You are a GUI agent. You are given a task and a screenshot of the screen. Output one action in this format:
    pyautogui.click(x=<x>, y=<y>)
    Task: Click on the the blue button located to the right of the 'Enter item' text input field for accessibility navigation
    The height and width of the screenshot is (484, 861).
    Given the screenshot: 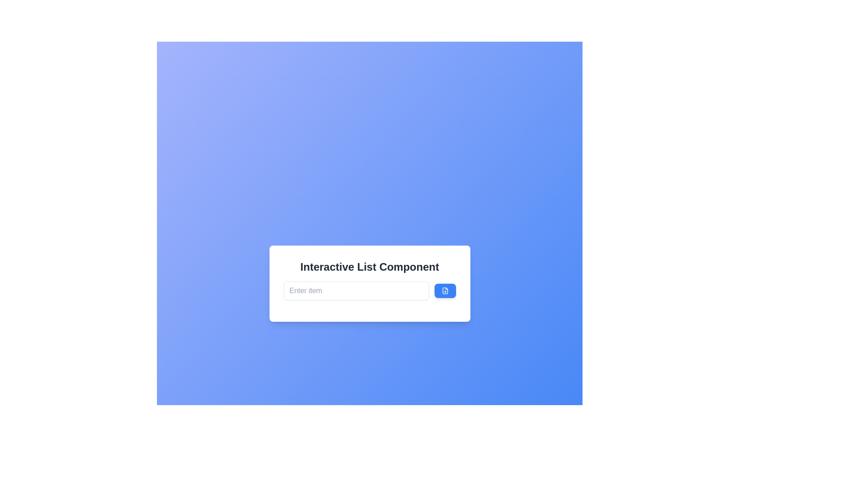 What is the action you would take?
    pyautogui.click(x=445, y=290)
    